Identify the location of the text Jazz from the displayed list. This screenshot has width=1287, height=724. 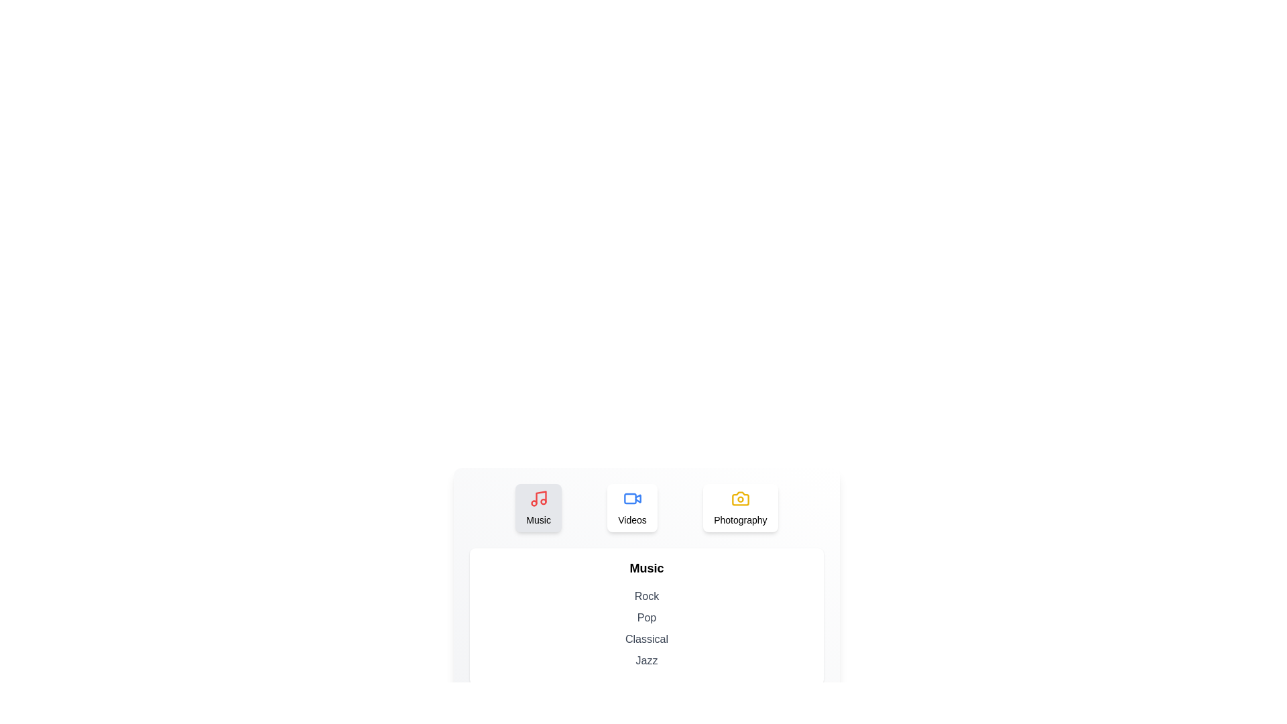
(646, 660).